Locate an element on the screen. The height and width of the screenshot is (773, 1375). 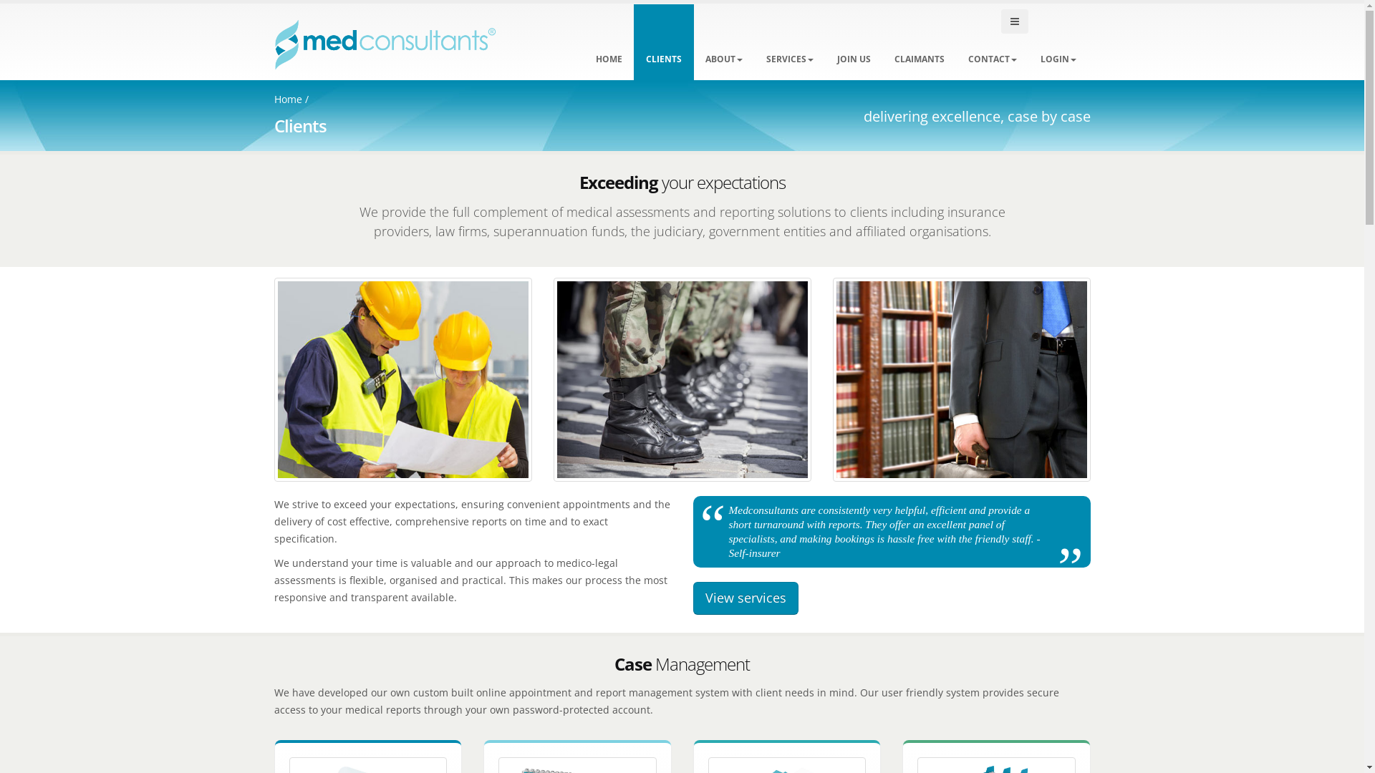
'CLIENTS' is located at coordinates (662, 42).